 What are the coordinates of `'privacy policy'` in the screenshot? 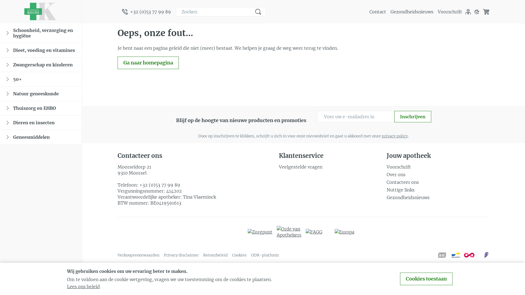 It's located at (395, 135).